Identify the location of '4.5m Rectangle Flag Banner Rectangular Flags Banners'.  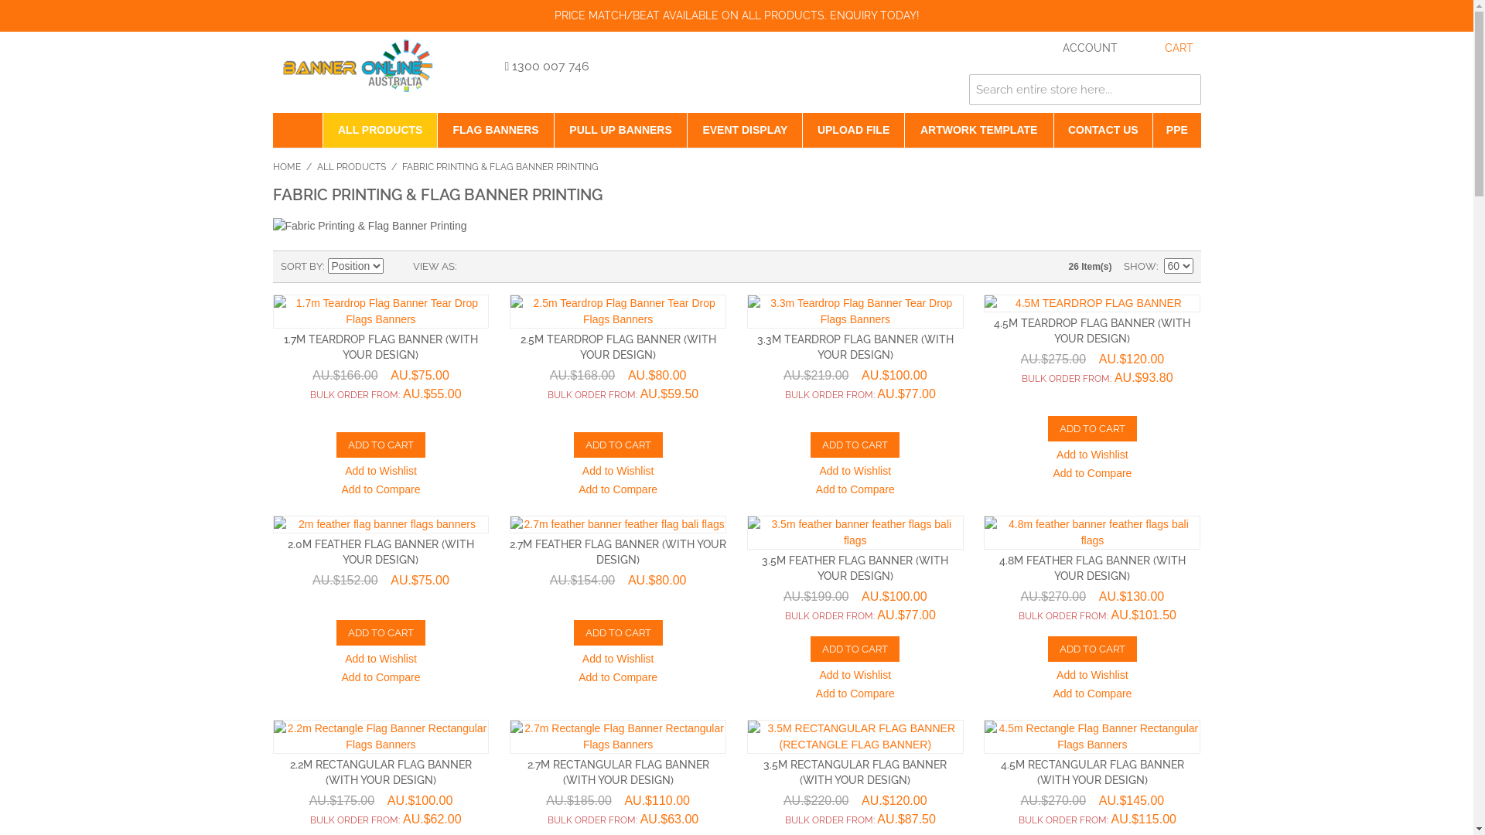
(1091, 735).